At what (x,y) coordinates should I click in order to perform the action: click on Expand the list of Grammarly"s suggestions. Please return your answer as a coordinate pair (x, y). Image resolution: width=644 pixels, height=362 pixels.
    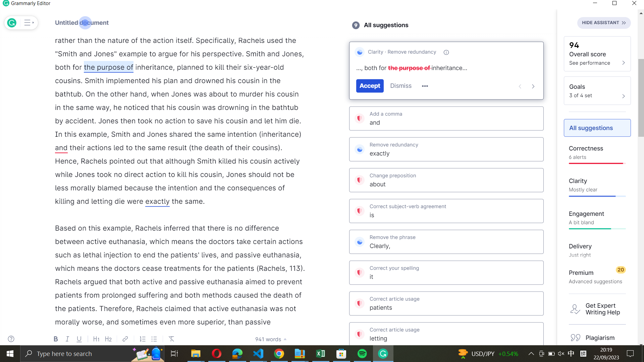
    Looking at the image, I should click on (28, 22).